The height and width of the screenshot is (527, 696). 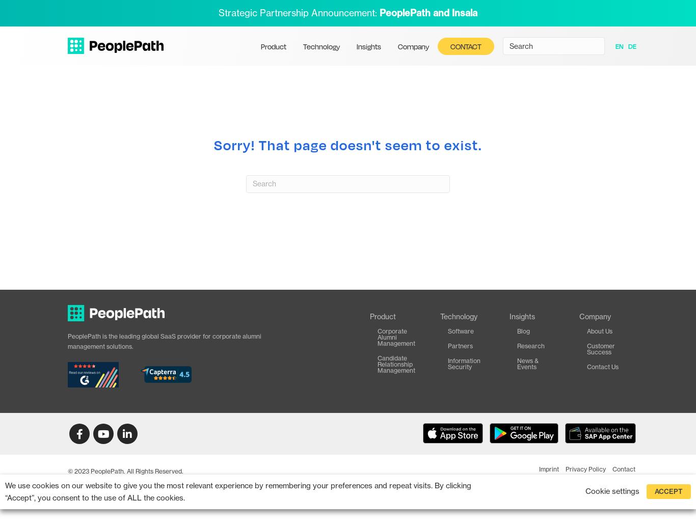 I want to click on 'Contact Us', so click(x=586, y=366).